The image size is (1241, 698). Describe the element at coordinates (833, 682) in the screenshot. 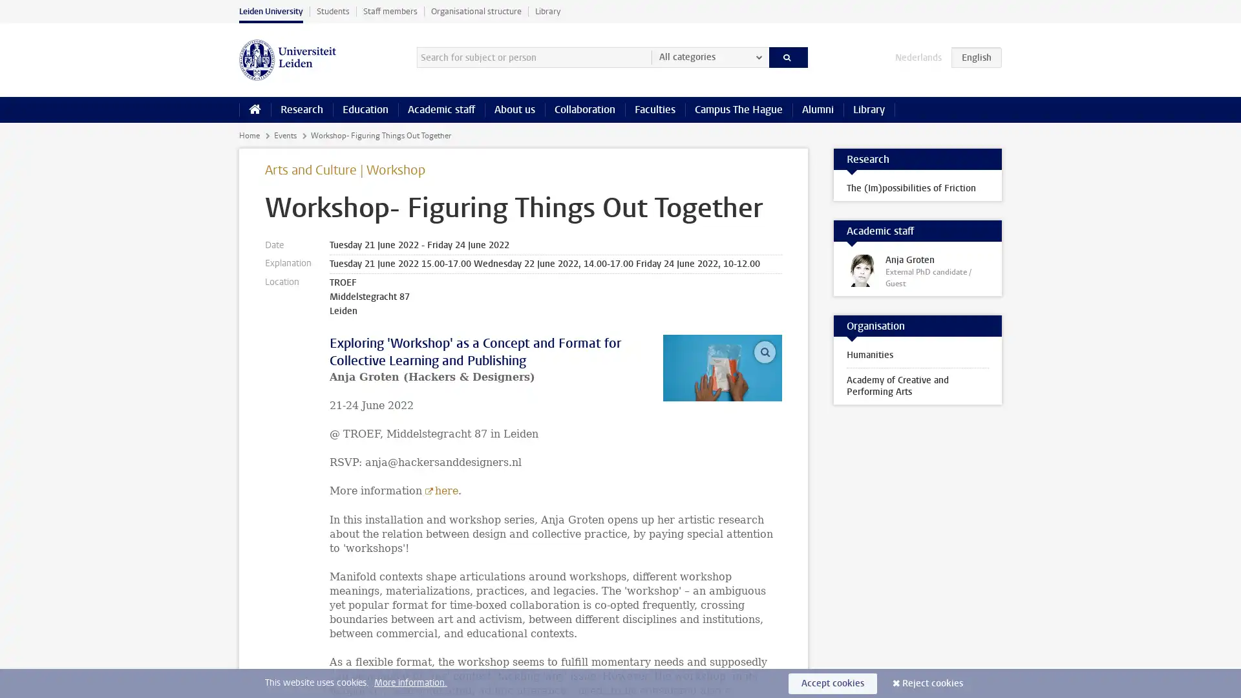

I see `Accept cookies` at that location.